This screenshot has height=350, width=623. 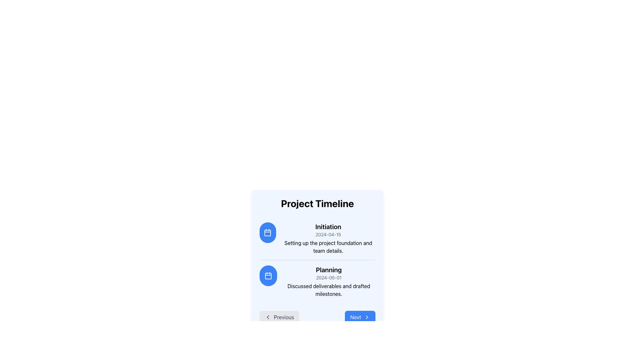 What do you see at coordinates (367, 317) in the screenshot?
I see `the 'Next' button that contains the triangular arrow icon pointing to the right, which is styled as a chevron and located at the bottom-right corner of the interface` at bounding box center [367, 317].